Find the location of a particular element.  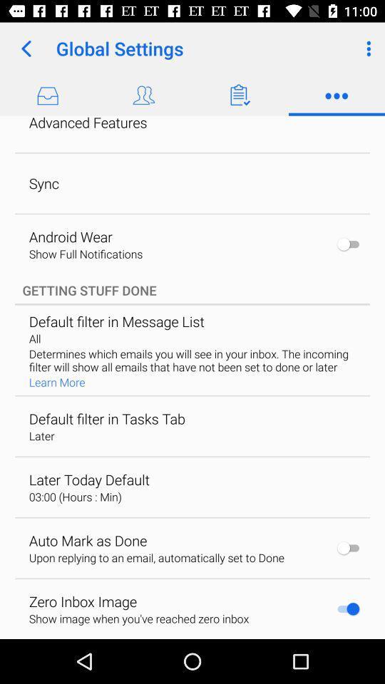

icon to the left of the global settings icon is located at coordinates (26, 48).